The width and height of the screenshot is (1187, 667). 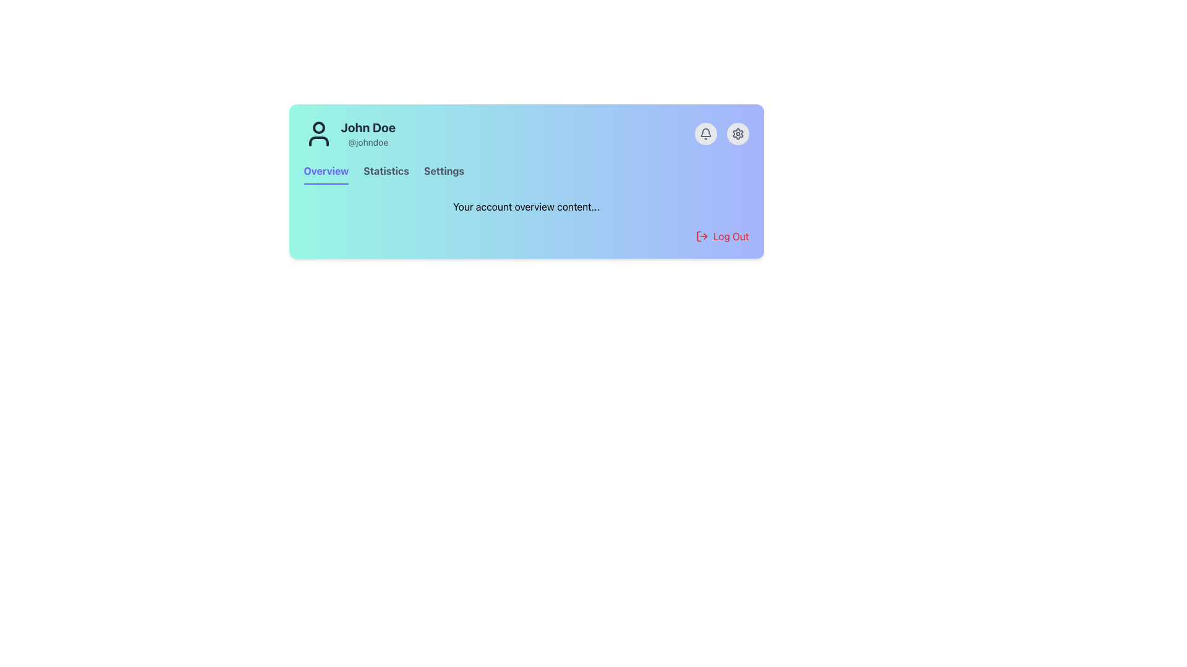 What do you see at coordinates (738, 133) in the screenshot?
I see `the circular settings button with a gear icon located in the settings pane` at bounding box center [738, 133].